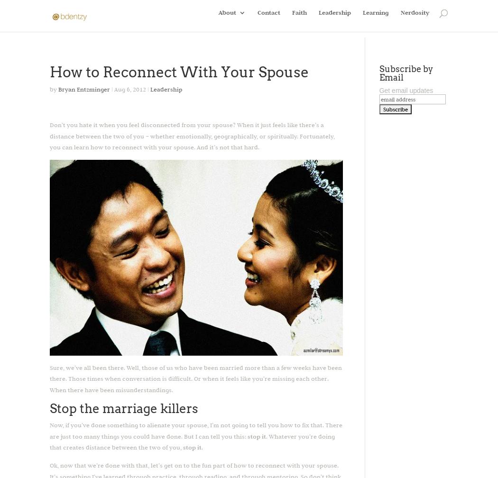 Image resolution: width=498 pixels, height=478 pixels. Describe the element at coordinates (124, 408) in the screenshot. I see `'Stop the marriage killers'` at that location.